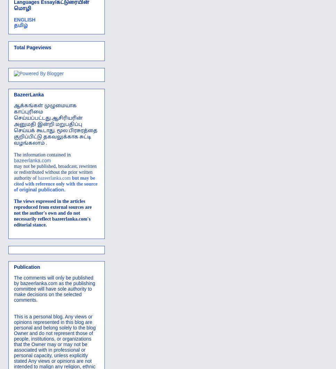 This screenshot has height=369, width=336. What do you see at coordinates (52, 216) in the screenshot?
I see `'from external sources are not the author's own and do not necessarily reflect bazeerlanka.com's editorial stance.'` at bounding box center [52, 216].